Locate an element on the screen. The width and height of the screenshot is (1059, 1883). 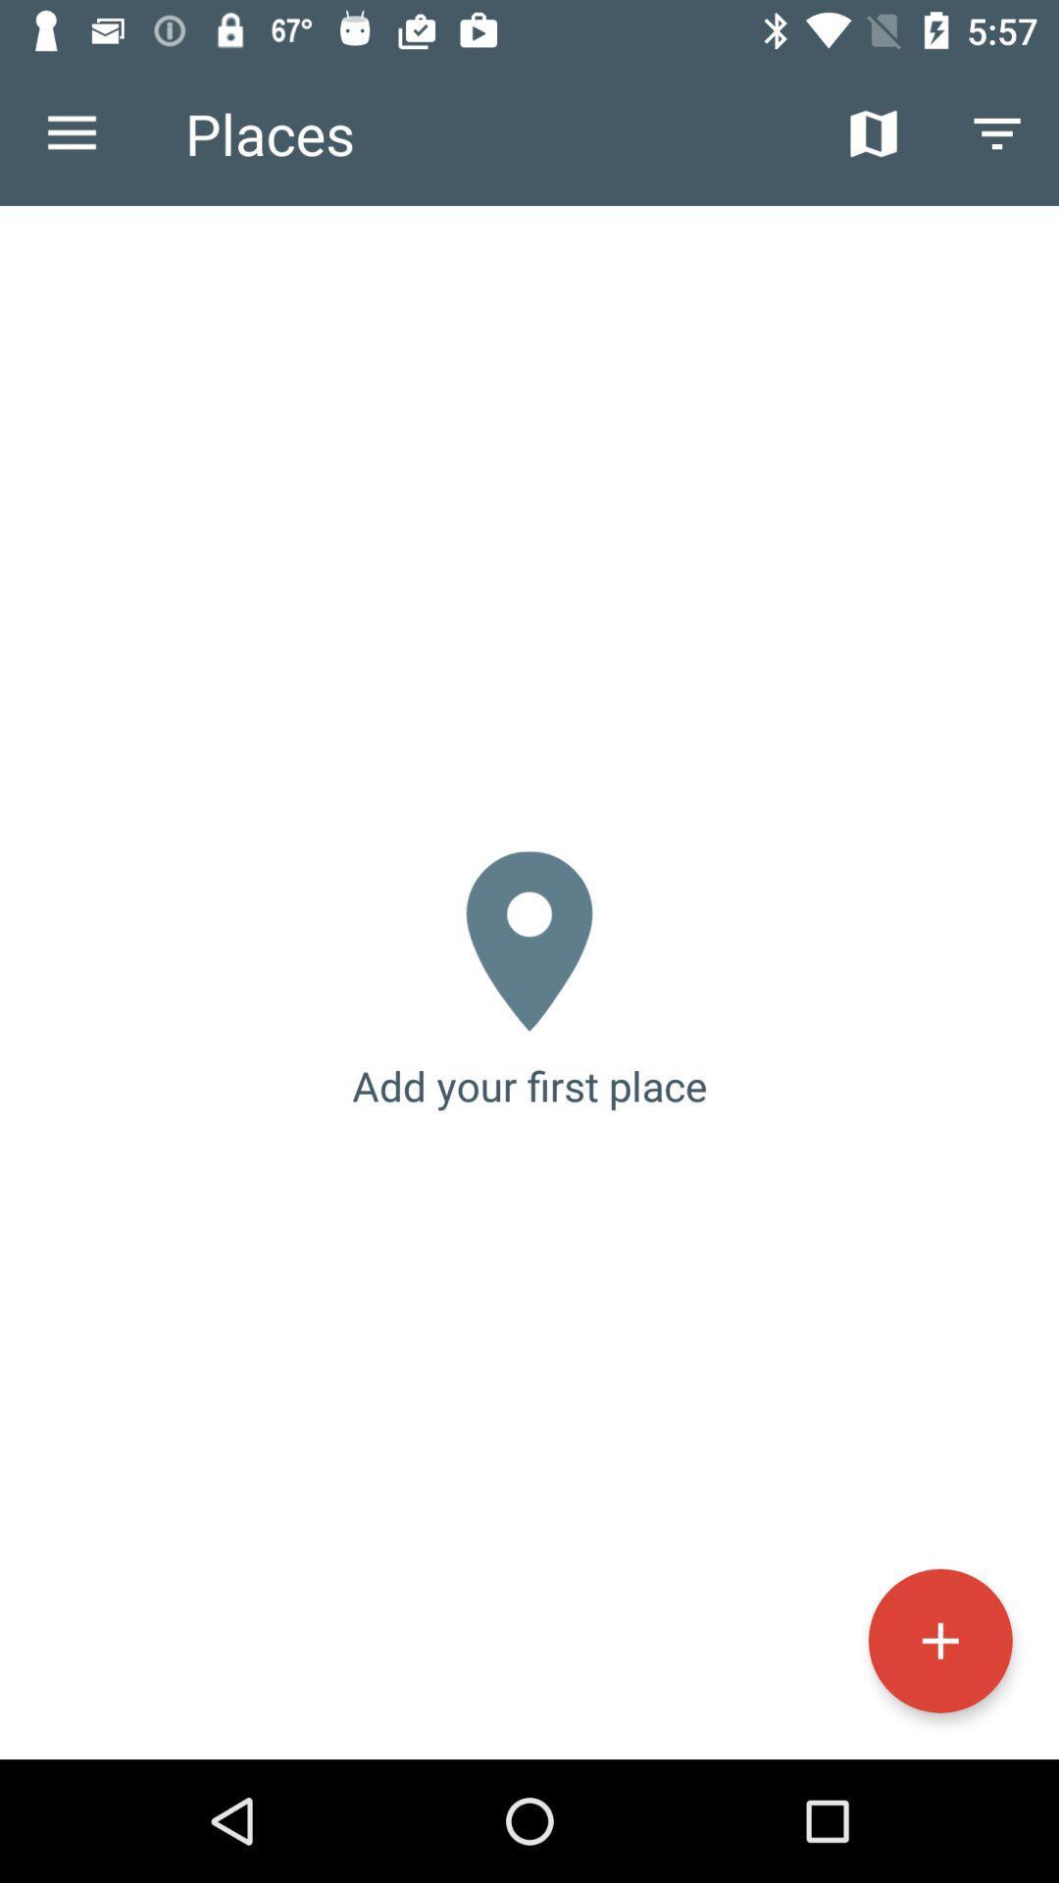
information is located at coordinates (939, 1641).